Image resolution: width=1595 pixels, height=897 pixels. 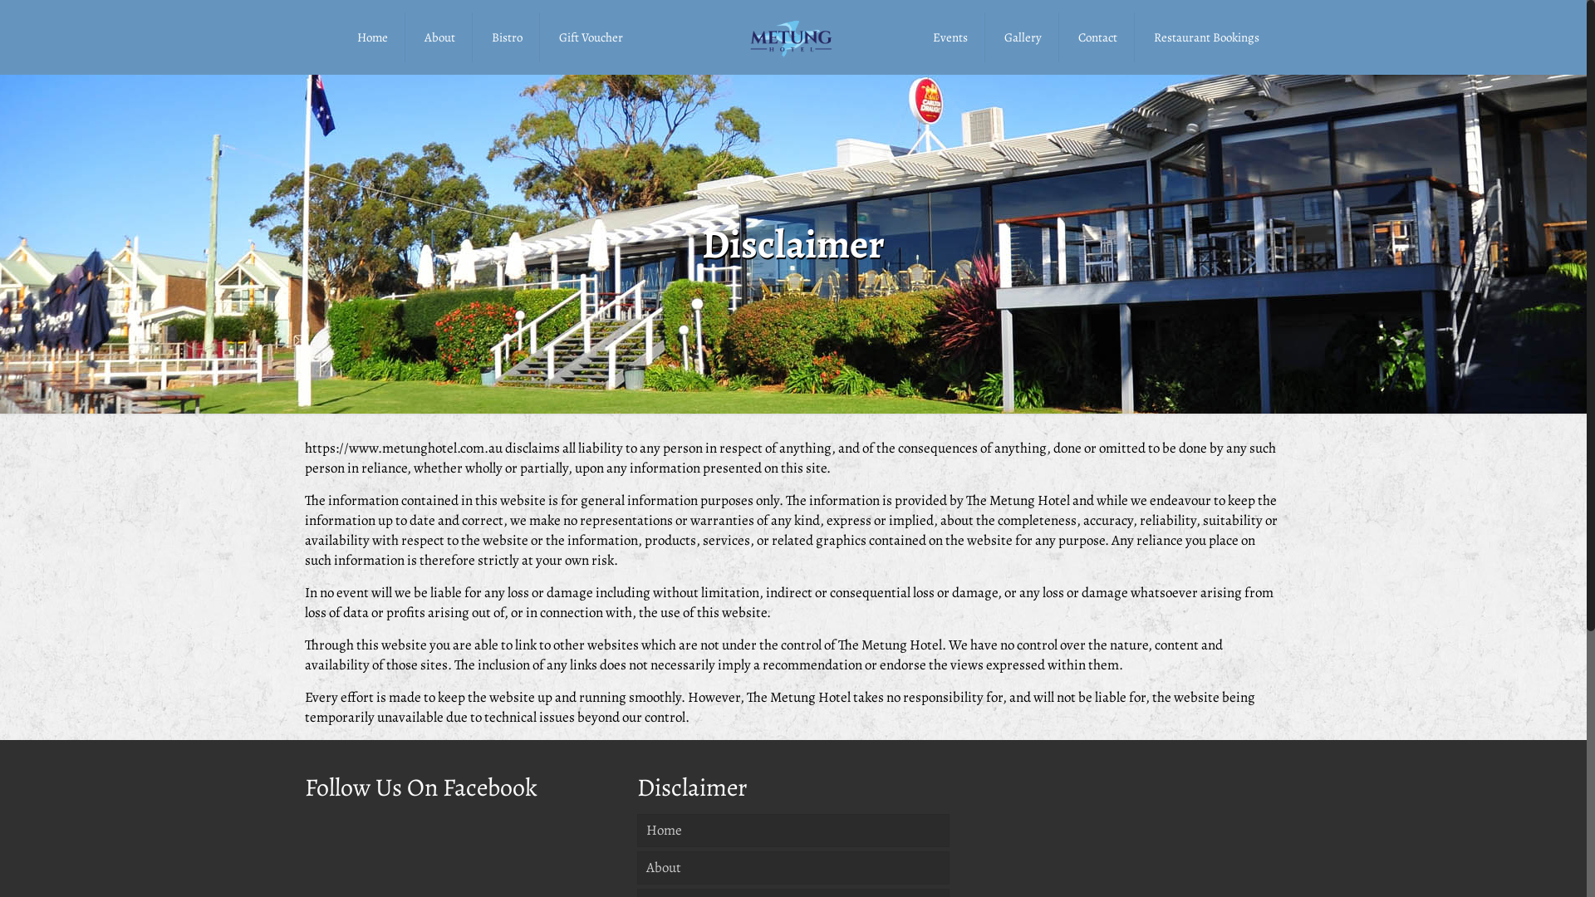 What do you see at coordinates (793, 867) in the screenshot?
I see `'About'` at bounding box center [793, 867].